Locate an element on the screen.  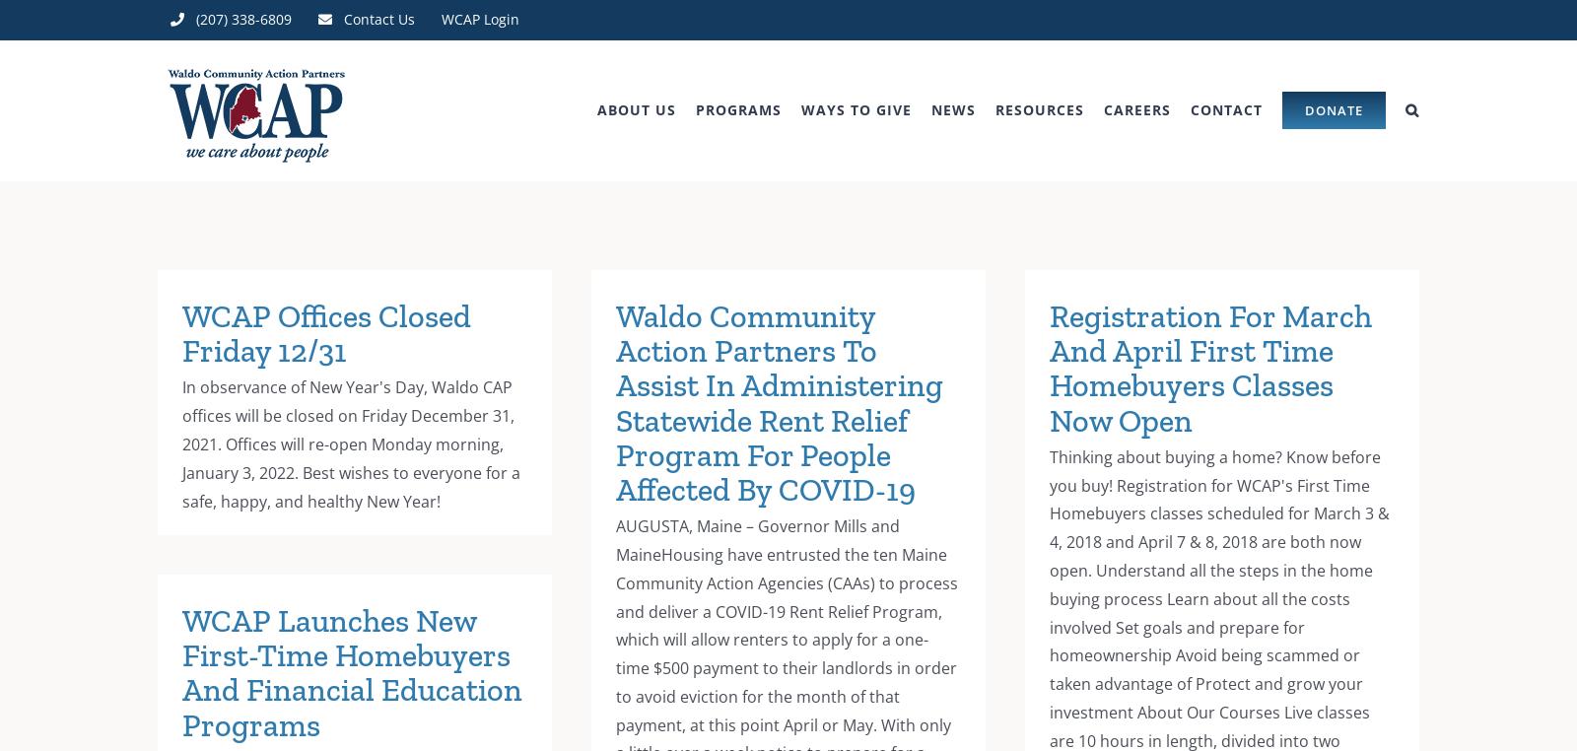
'E-newsletter sign up' is located at coordinates (1018, 210).